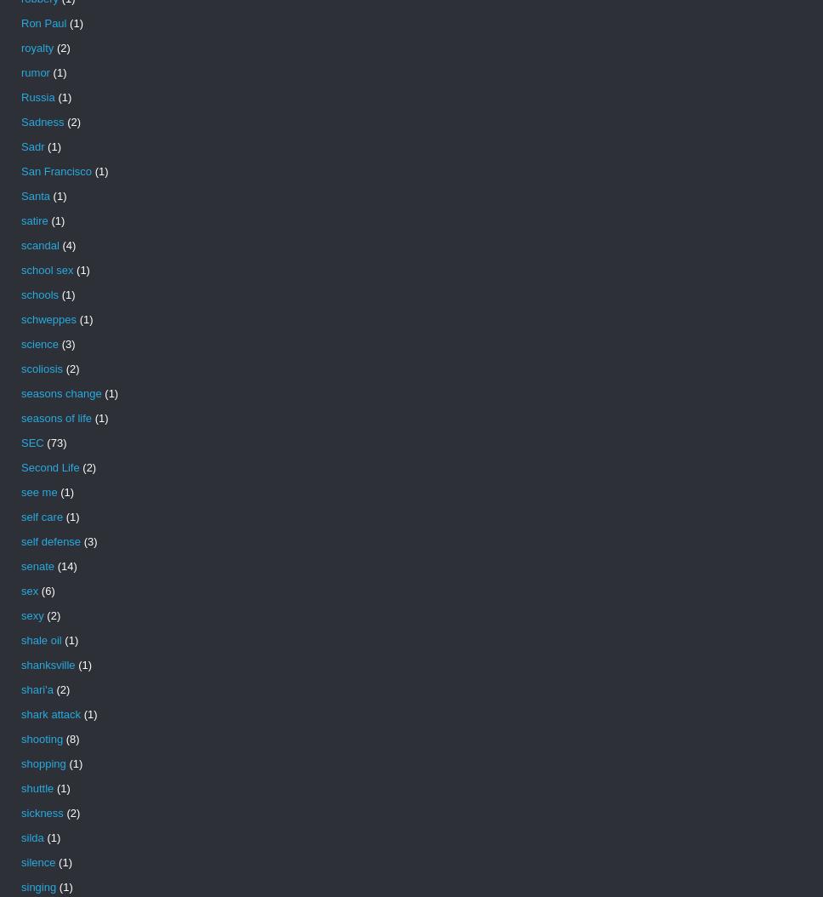 The image size is (823, 897). What do you see at coordinates (71, 739) in the screenshot?
I see `'(8)'` at bounding box center [71, 739].